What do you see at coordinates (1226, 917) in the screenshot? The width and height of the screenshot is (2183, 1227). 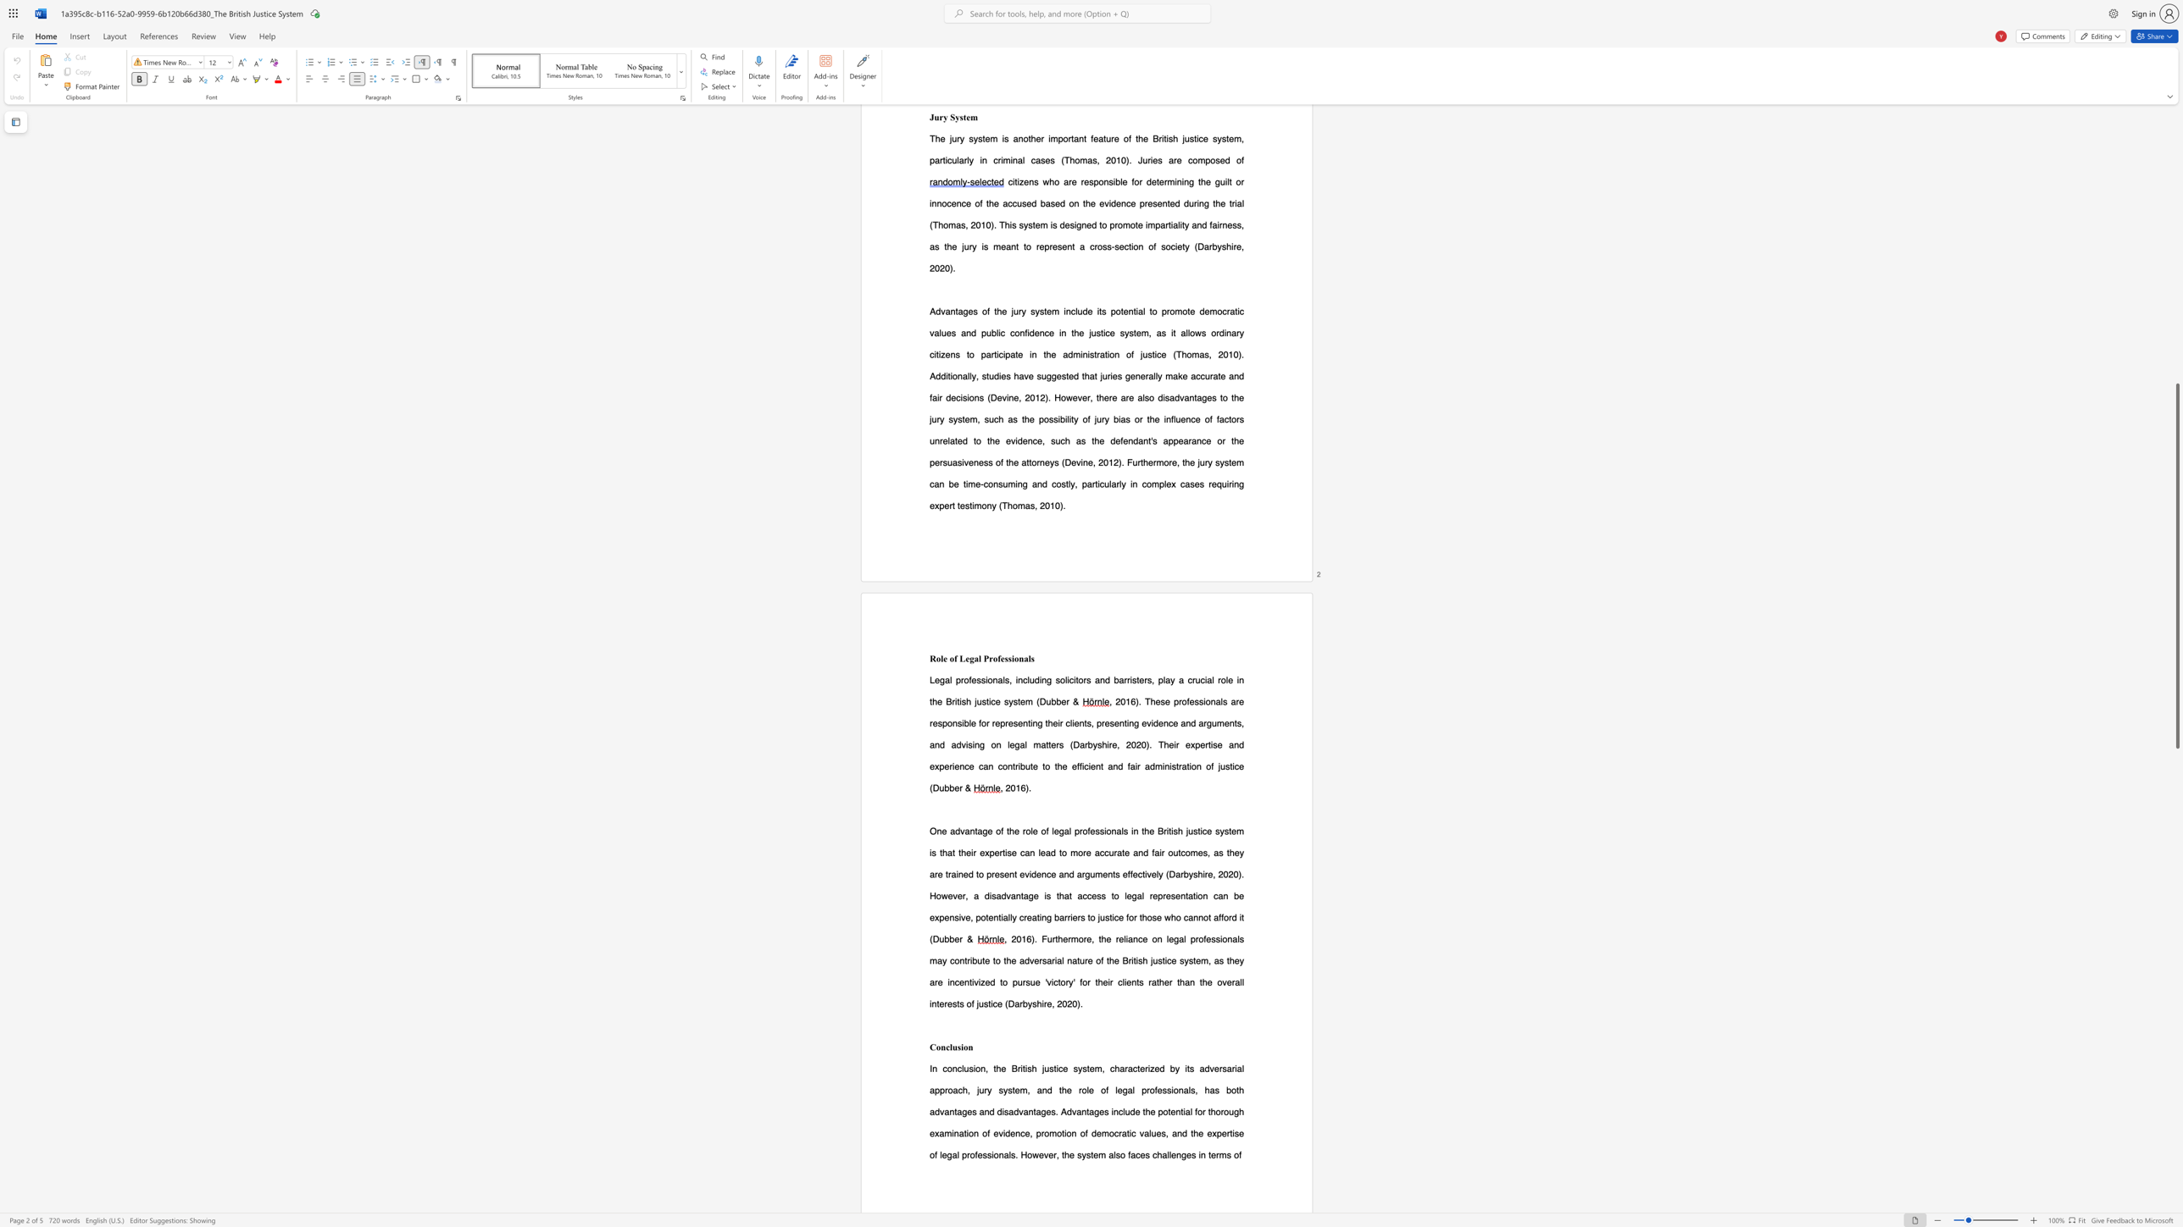 I see `the 10th character "o" in the text` at bounding box center [1226, 917].